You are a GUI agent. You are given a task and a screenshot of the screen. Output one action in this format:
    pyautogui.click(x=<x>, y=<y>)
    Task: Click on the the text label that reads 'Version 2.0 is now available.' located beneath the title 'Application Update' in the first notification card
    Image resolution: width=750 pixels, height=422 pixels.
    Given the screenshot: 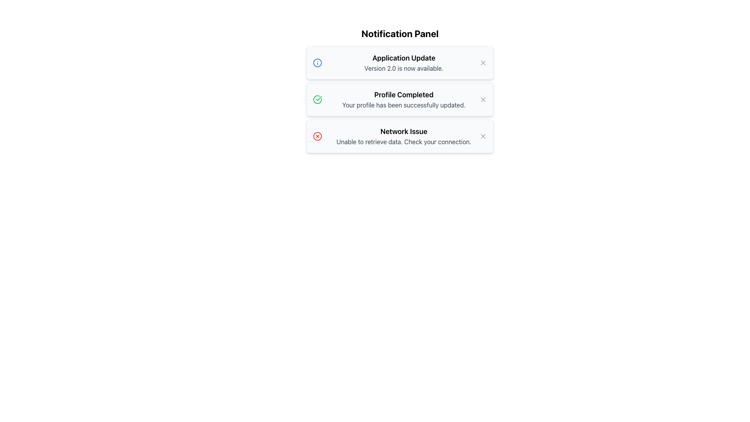 What is the action you would take?
    pyautogui.click(x=404, y=68)
    